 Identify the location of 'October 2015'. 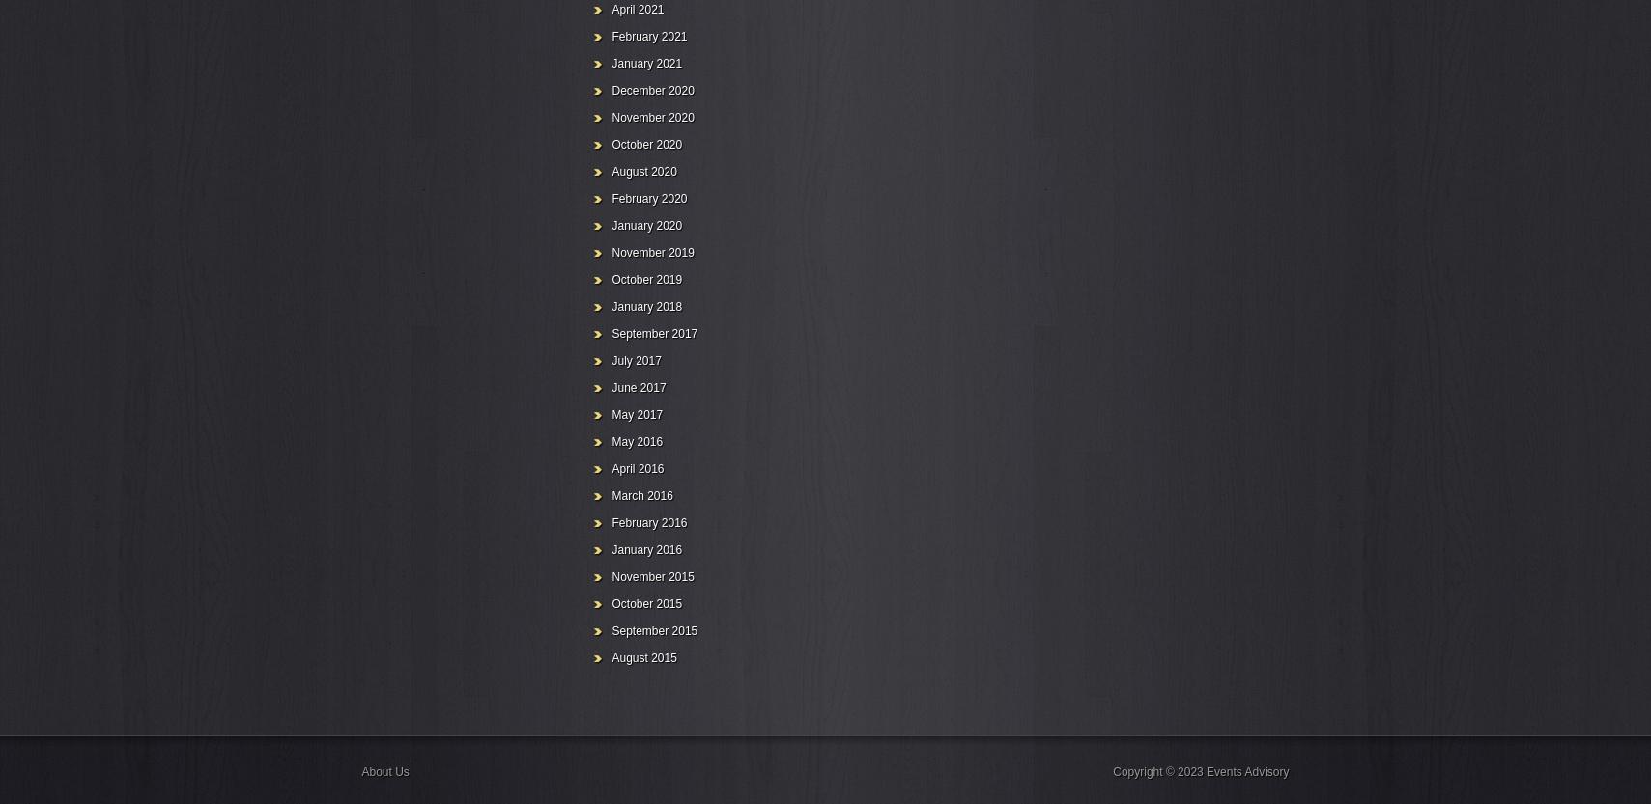
(645, 603).